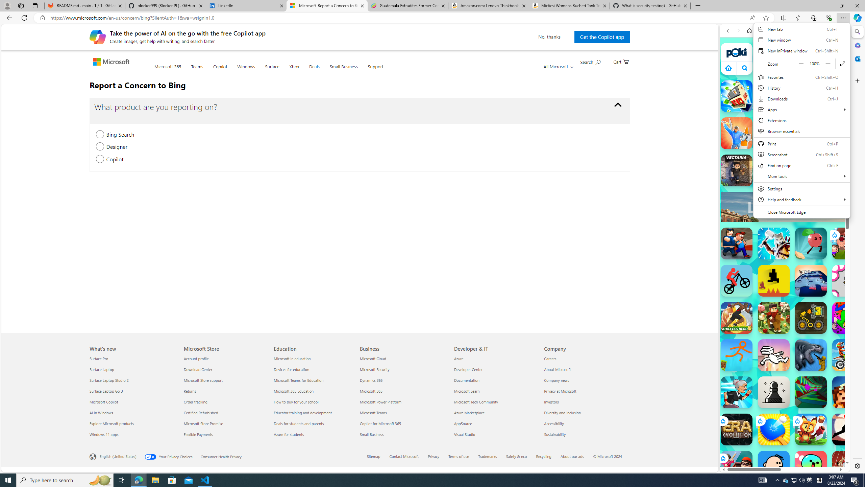  I want to click on 'Contact Microsoft', so click(403, 456).